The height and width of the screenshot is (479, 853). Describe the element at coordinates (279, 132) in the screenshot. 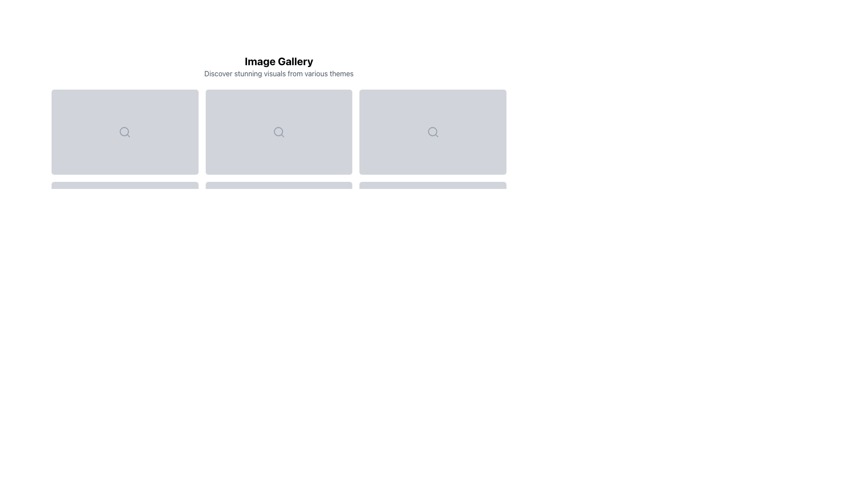

I see `on the Card component displaying an image preview in the second column of the first row of the grid layout` at that location.